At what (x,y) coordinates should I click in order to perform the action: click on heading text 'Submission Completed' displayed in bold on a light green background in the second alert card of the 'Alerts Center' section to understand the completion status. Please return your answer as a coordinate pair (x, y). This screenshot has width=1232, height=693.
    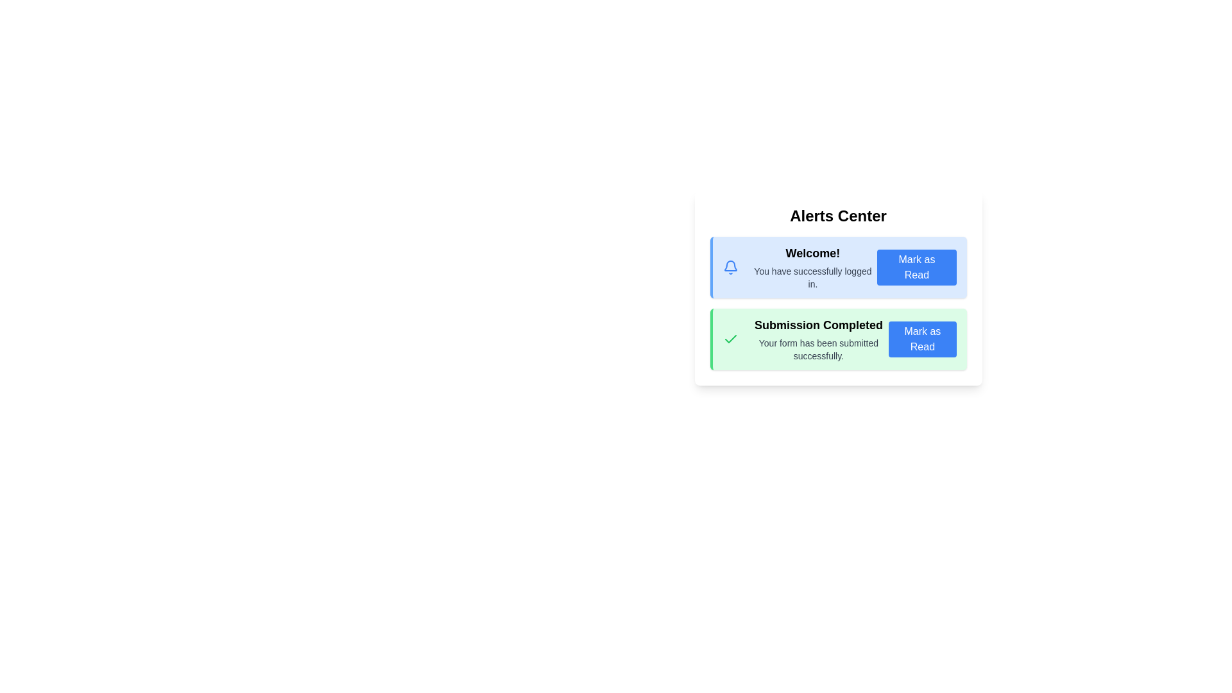
    Looking at the image, I should click on (817, 324).